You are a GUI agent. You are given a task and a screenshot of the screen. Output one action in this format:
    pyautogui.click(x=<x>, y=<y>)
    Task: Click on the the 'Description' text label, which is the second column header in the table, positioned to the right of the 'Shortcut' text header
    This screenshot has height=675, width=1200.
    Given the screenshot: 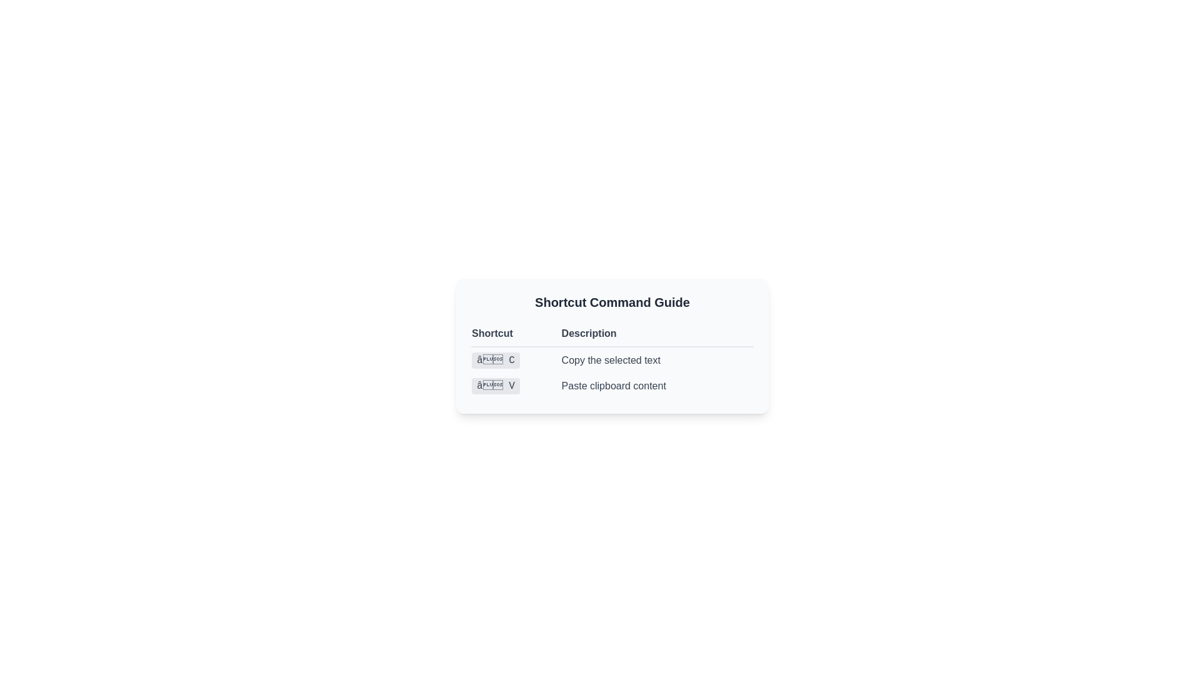 What is the action you would take?
    pyautogui.click(x=612, y=332)
    